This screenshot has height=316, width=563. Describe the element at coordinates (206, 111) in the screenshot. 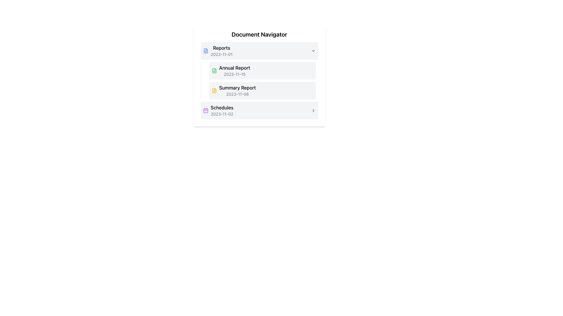

I see `the calendar icon that represents the schedule, located to the immediate left of the text 'Schedules'` at that location.